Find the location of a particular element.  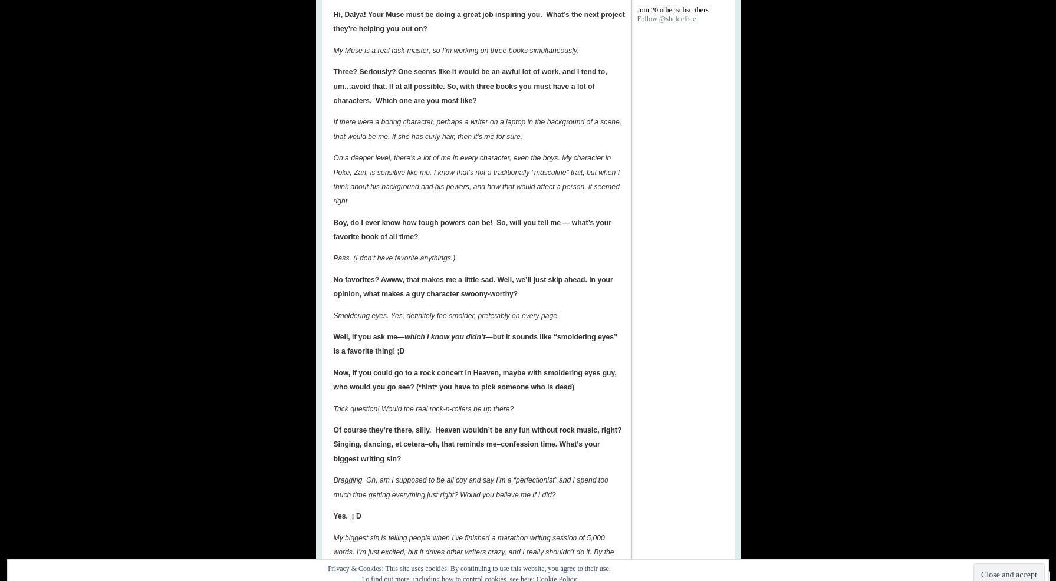

'Bragging. Oh, am I supposed to be all coy and say I’m a “perfectionist” and I spend too much time getting everything just right? Would you believe me if I did?' is located at coordinates (333, 486).